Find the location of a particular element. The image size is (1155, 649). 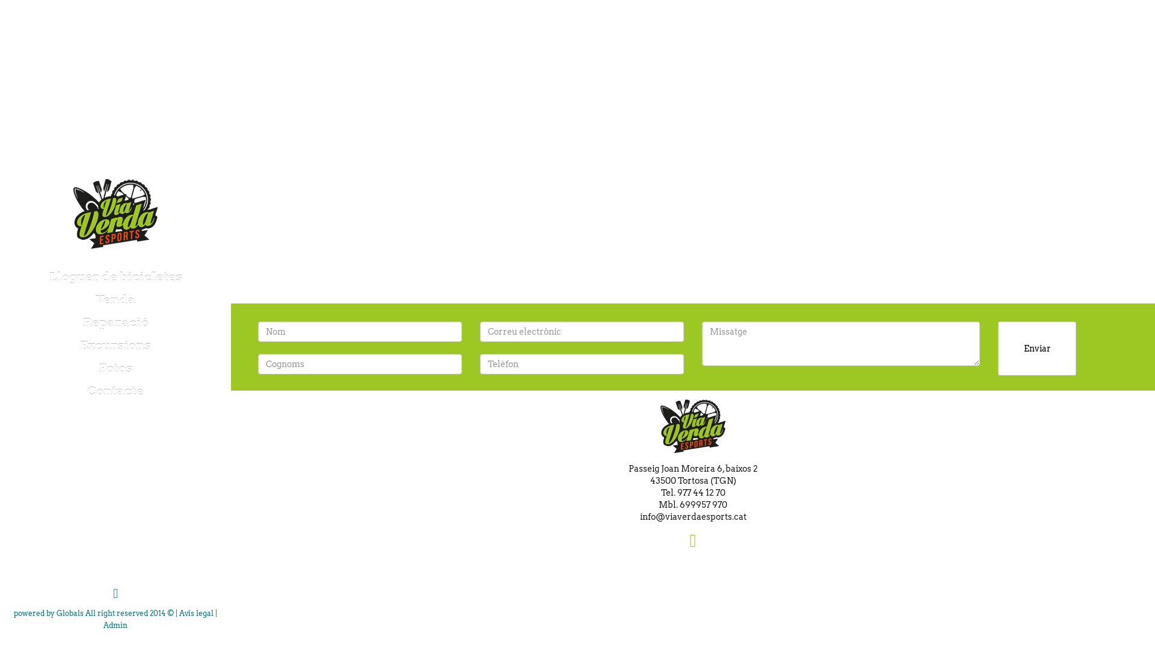

'Excursions' is located at coordinates (115, 346).